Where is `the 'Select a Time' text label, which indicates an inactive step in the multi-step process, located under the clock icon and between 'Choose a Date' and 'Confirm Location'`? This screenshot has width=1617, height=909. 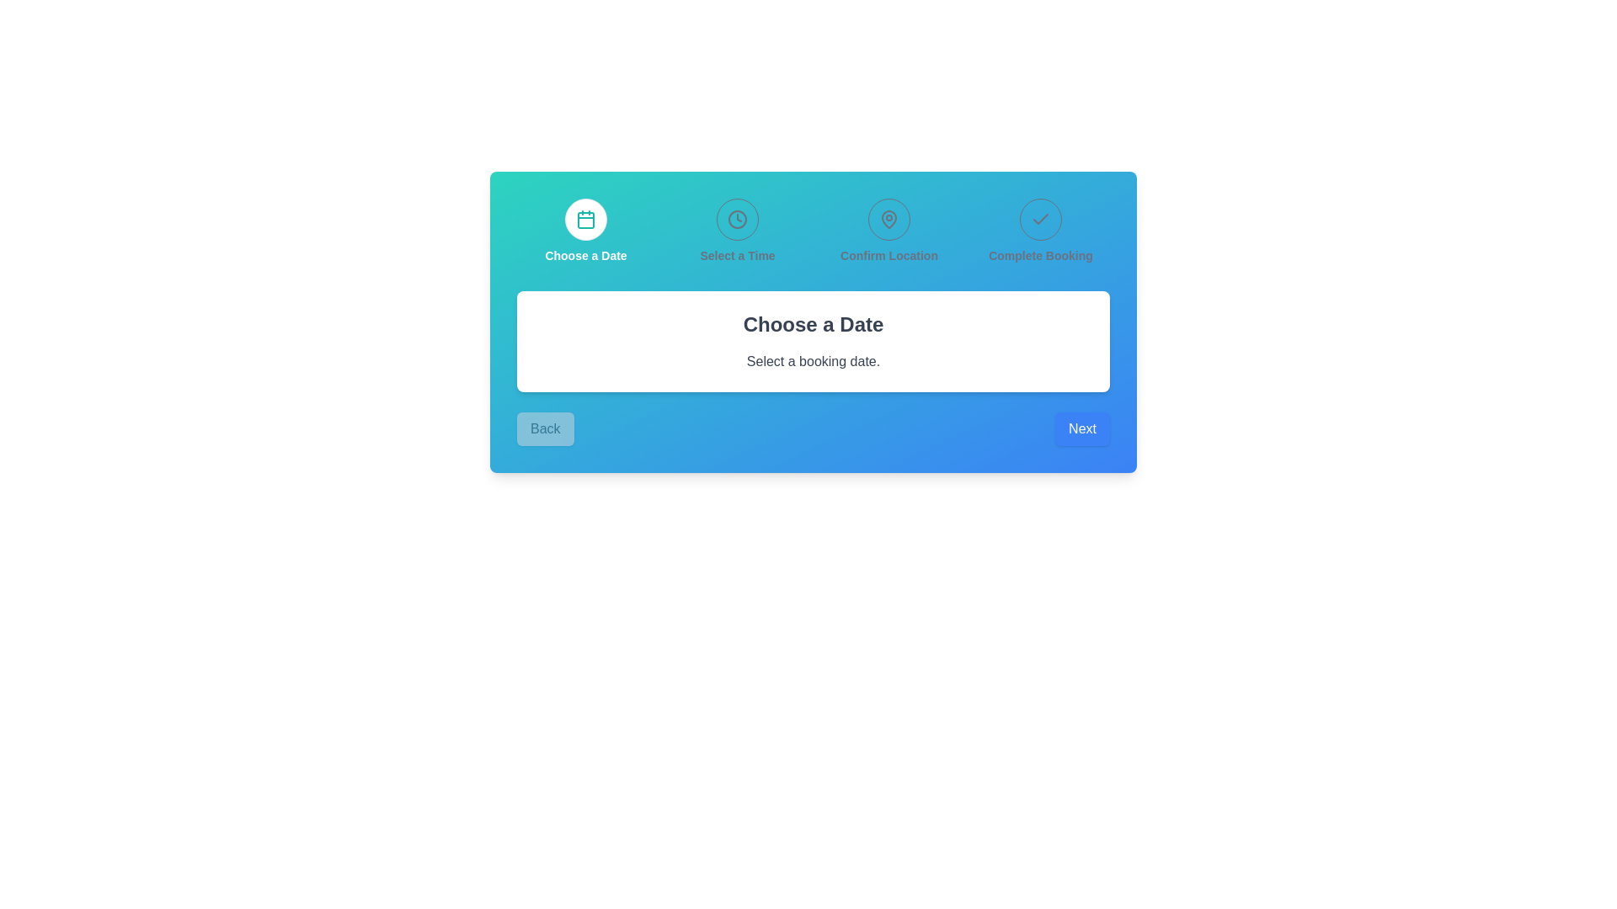 the 'Select a Time' text label, which indicates an inactive step in the multi-step process, located under the clock icon and between 'Choose a Date' and 'Confirm Location' is located at coordinates (737, 256).